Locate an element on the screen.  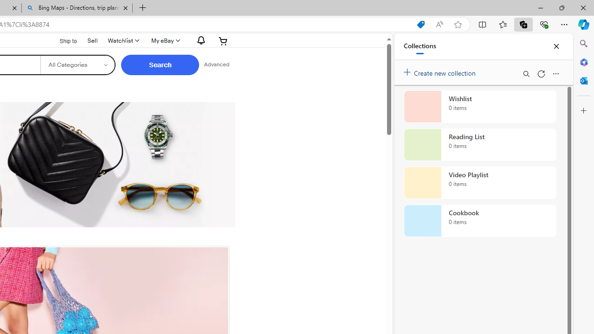
'Watchlist' is located at coordinates (122, 40).